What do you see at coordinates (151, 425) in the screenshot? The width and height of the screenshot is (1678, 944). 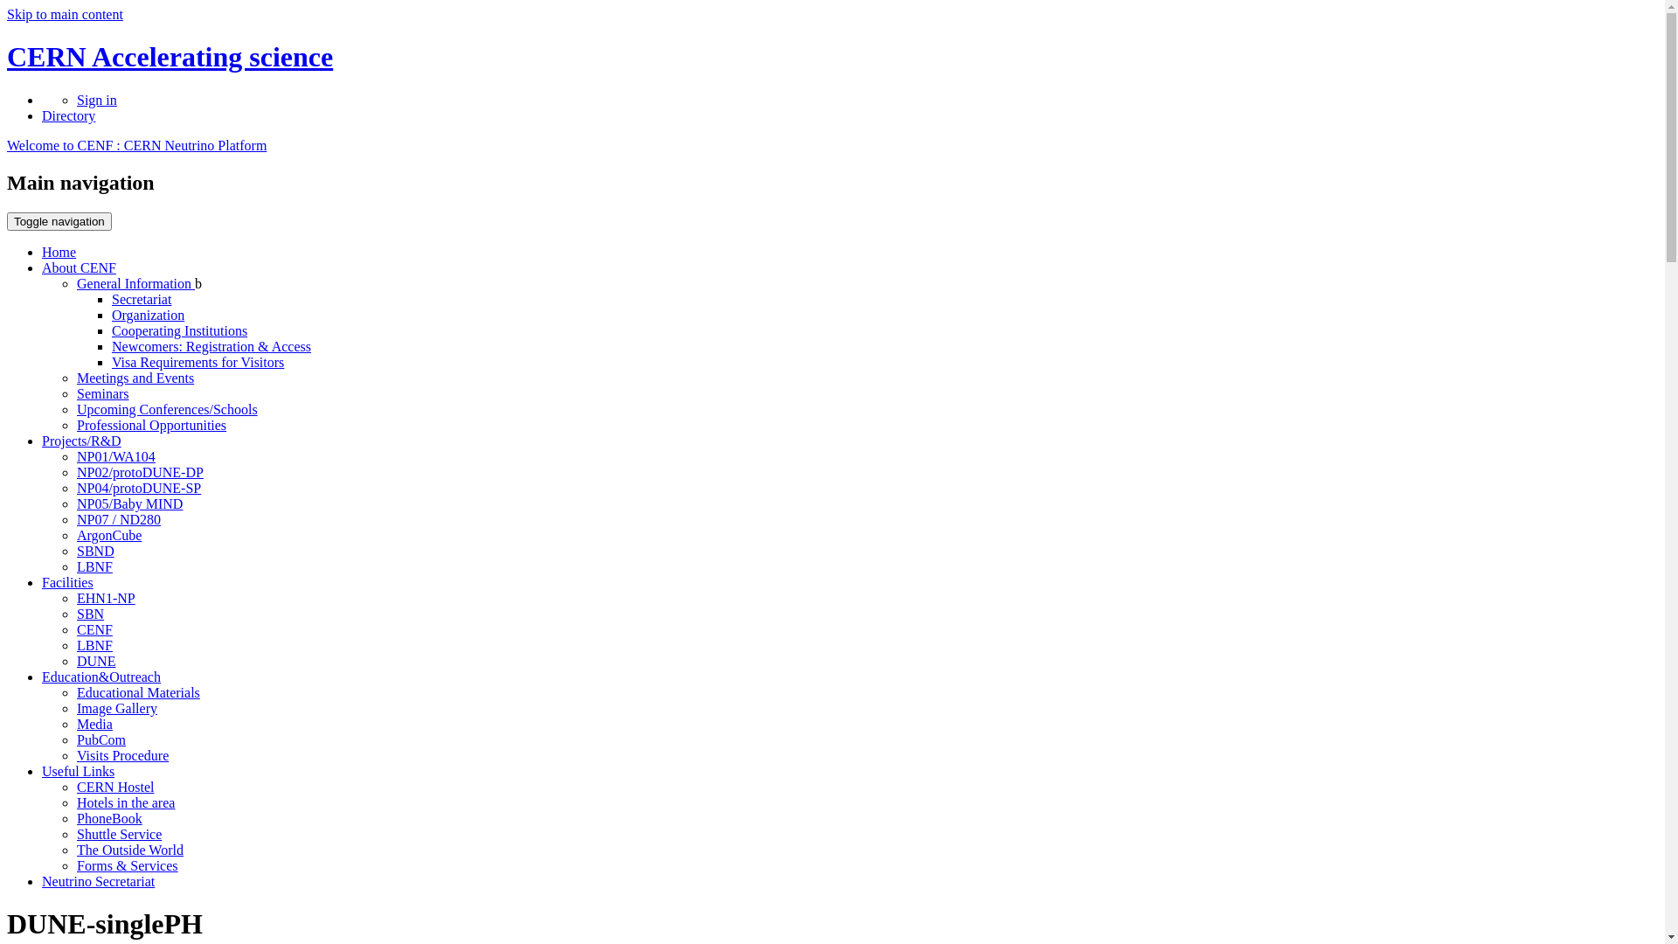 I see `'Professional Opportunities'` at bounding box center [151, 425].